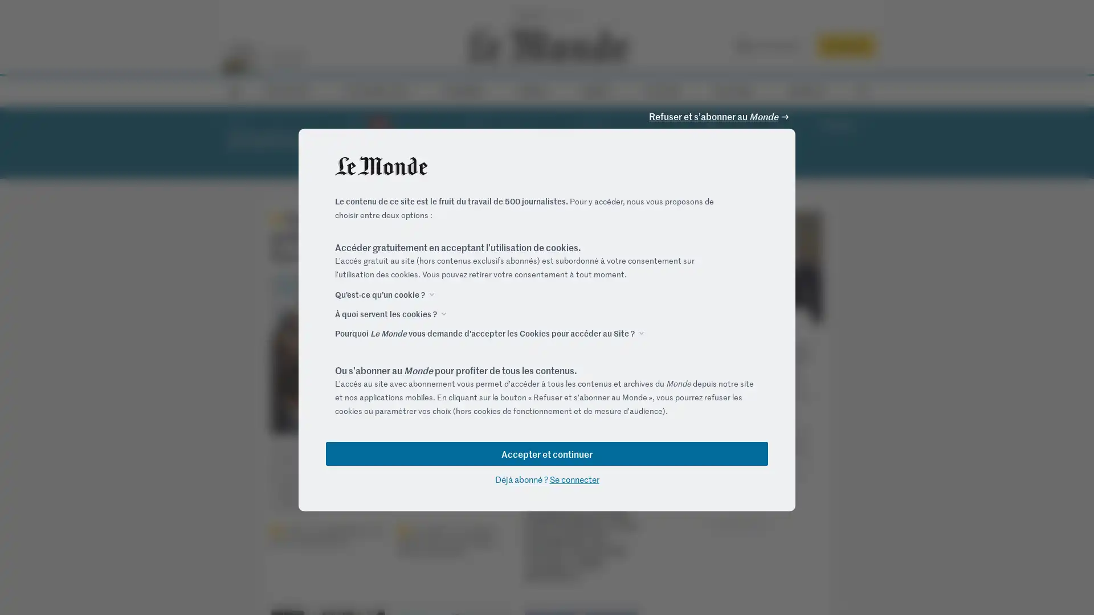 This screenshot has width=1094, height=615. Describe the element at coordinates (810, 90) in the screenshot. I see `SERVICES` at that location.